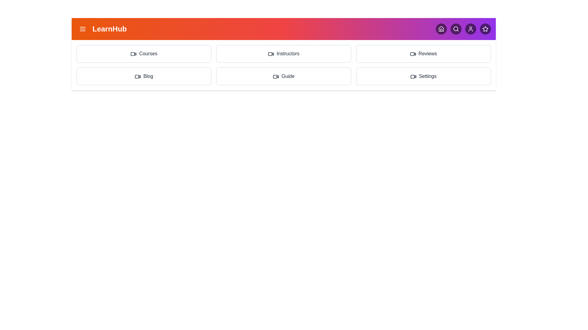  I want to click on menu button to toggle the main menu, so click(82, 29).